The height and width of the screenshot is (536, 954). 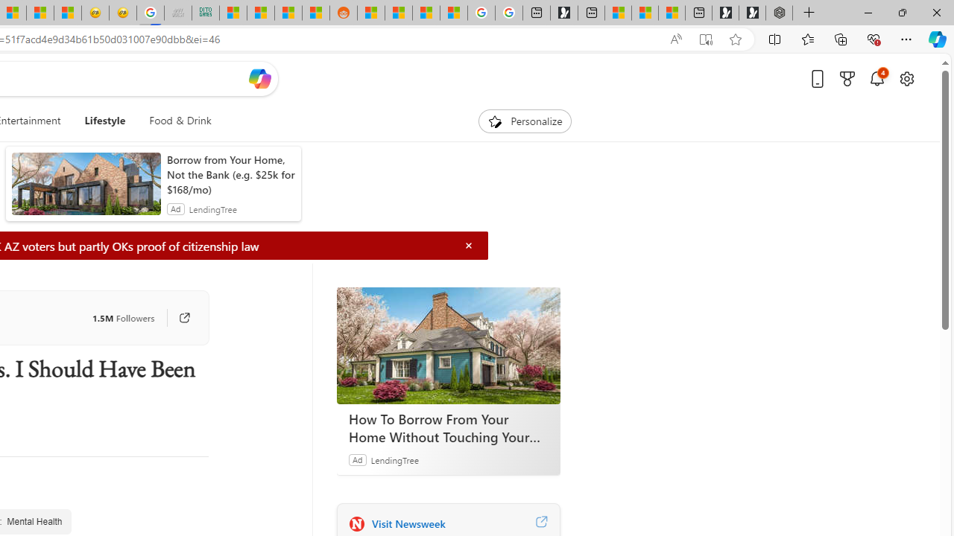 What do you see at coordinates (540, 523) in the screenshot?
I see `'Visit Newsweek website'` at bounding box center [540, 523].